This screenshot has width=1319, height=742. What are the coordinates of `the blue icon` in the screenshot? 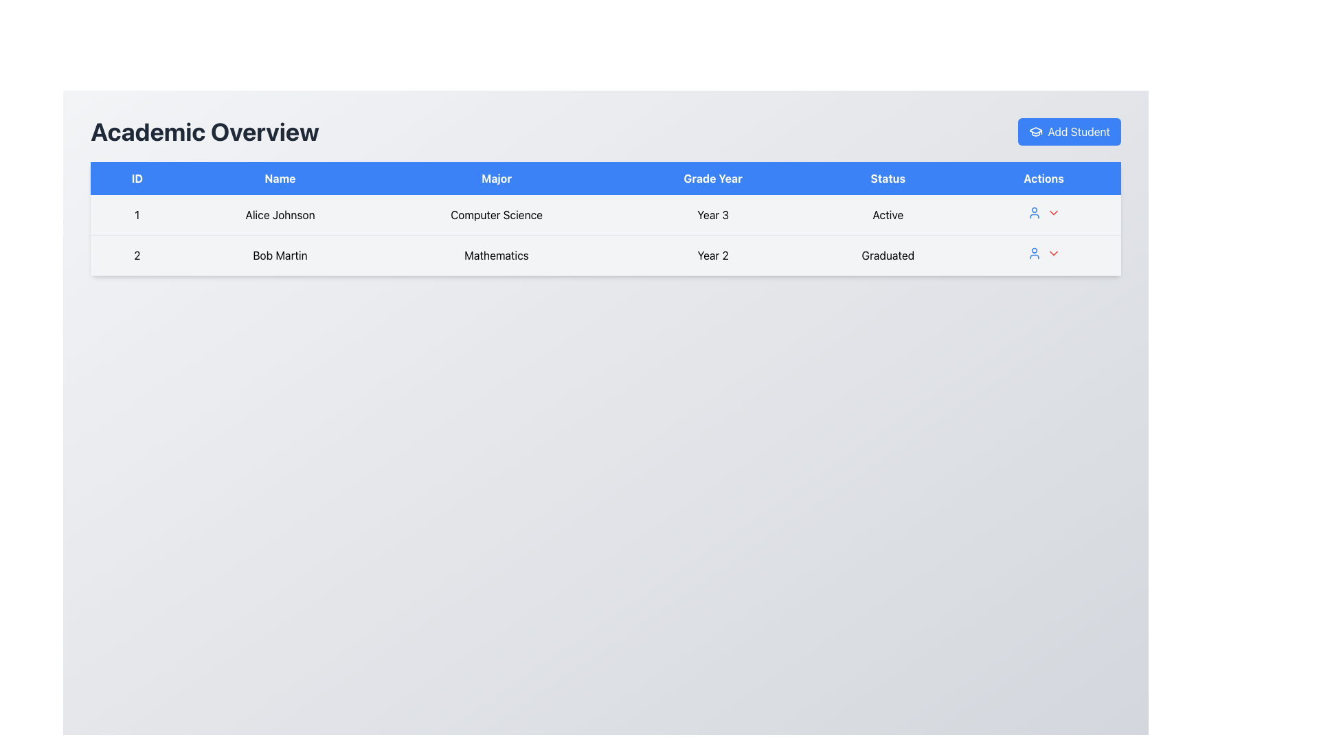 It's located at (1044, 255).